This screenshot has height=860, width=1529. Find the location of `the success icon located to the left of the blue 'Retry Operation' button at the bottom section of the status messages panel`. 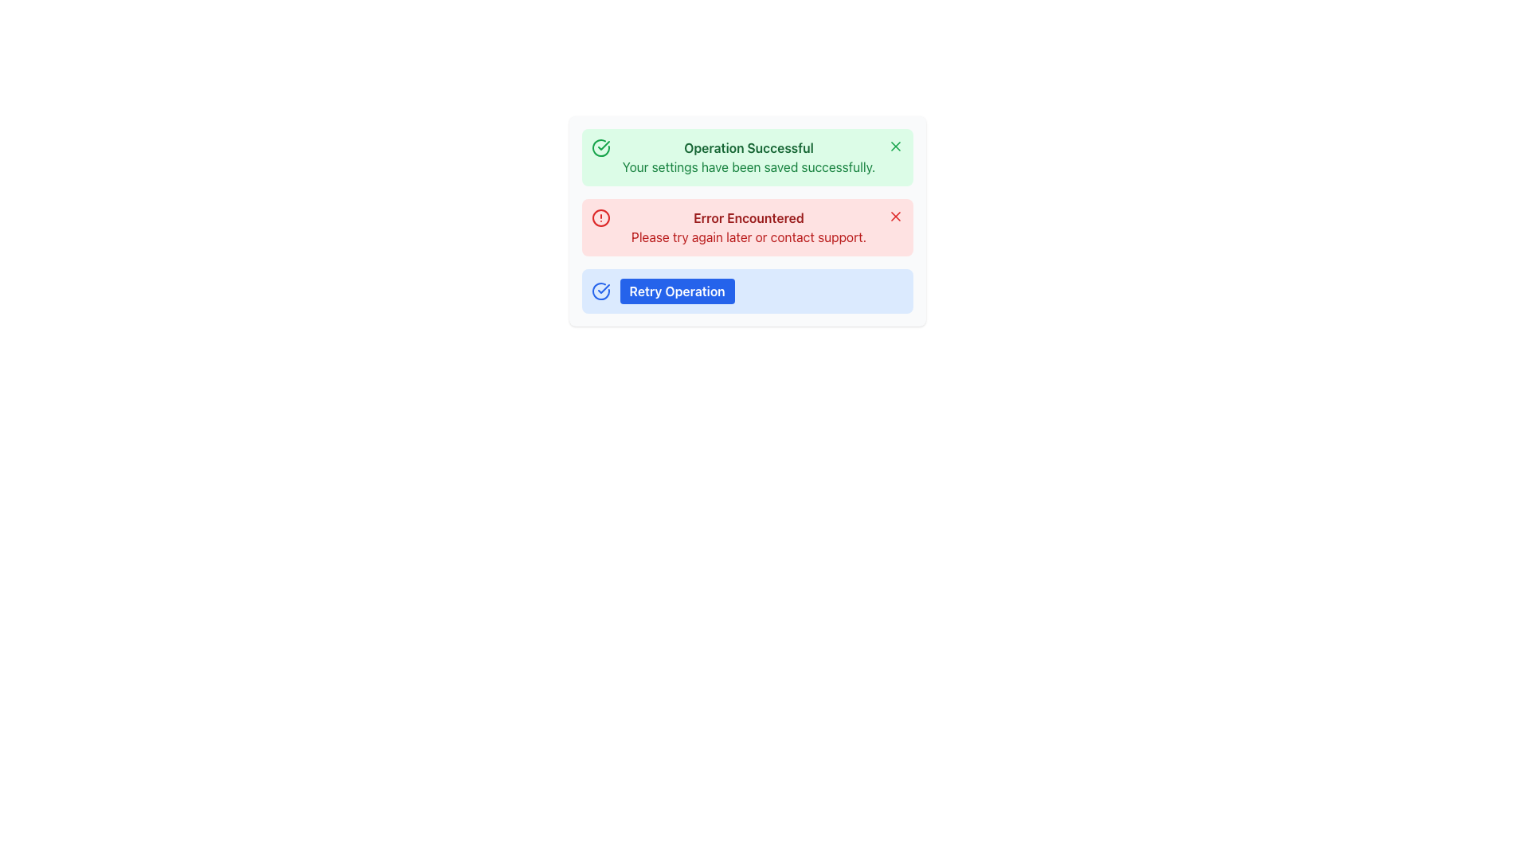

the success icon located to the left of the blue 'Retry Operation' button at the bottom section of the status messages panel is located at coordinates (600, 291).